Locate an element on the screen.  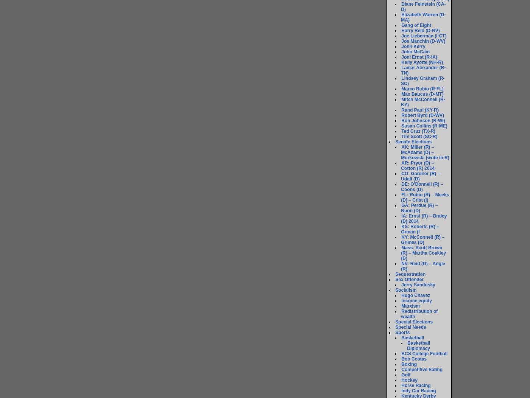
'Income equity' is located at coordinates (416, 300).